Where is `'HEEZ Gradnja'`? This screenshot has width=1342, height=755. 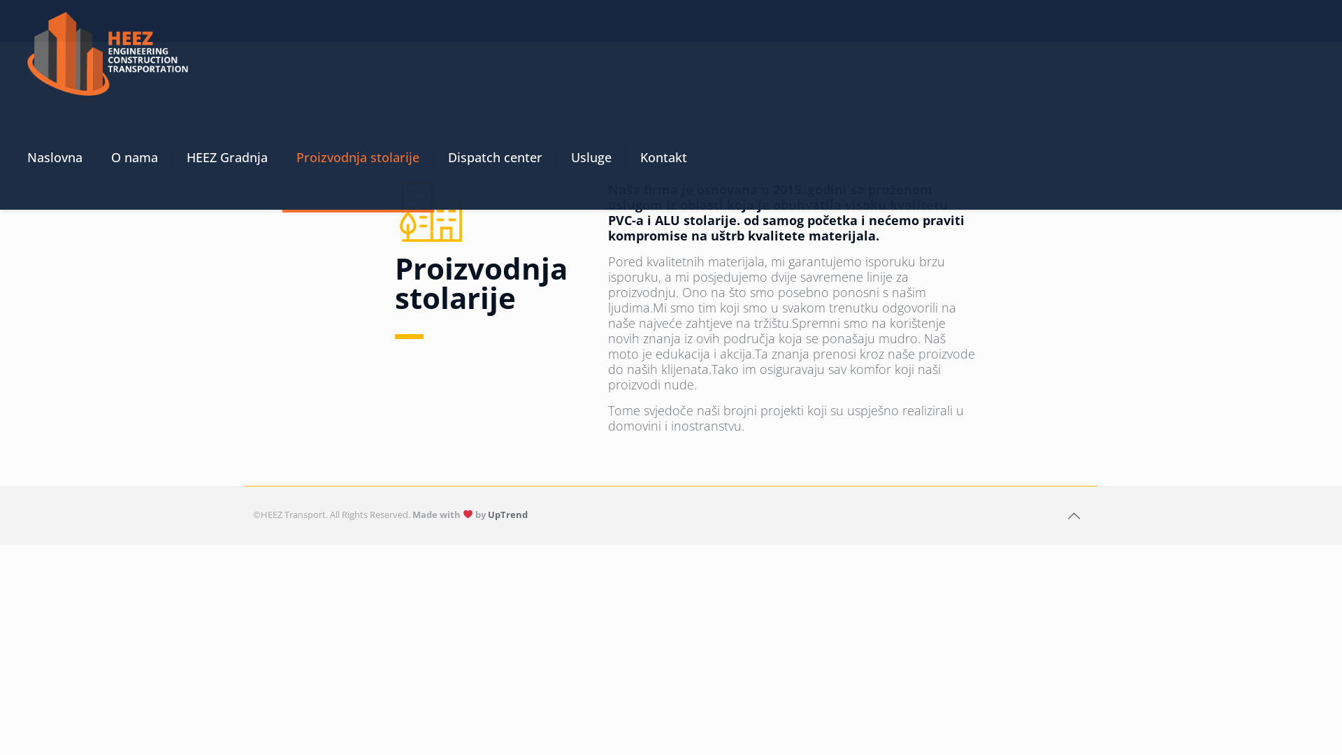 'HEEZ Gradnja' is located at coordinates (171, 157).